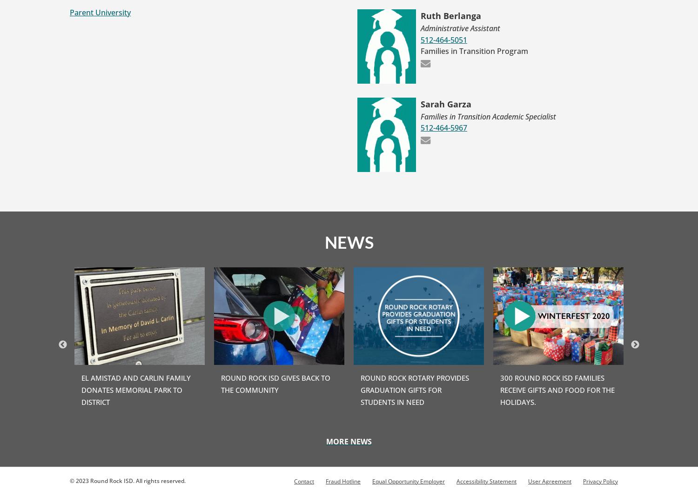 Image resolution: width=698 pixels, height=496 pixels. What do you see at coordinates (70, 480) in the screenshot?
I see `'© 2023 Round Rock ISD. All rights reserved.'` at bounding box center [70, 480].